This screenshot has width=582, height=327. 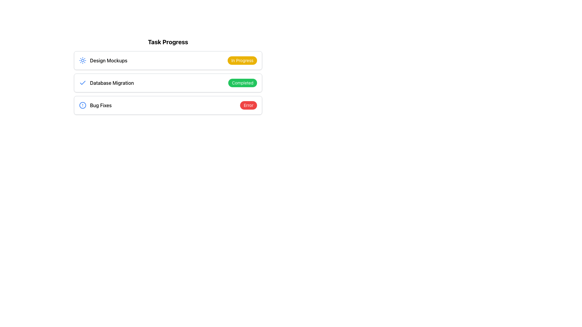 I want to click on the Text label with supplementary icon that serves as the title of a task or issue in the task list, located in the third row and aligned with the red 'Error' label, so click(x=95, y=105).